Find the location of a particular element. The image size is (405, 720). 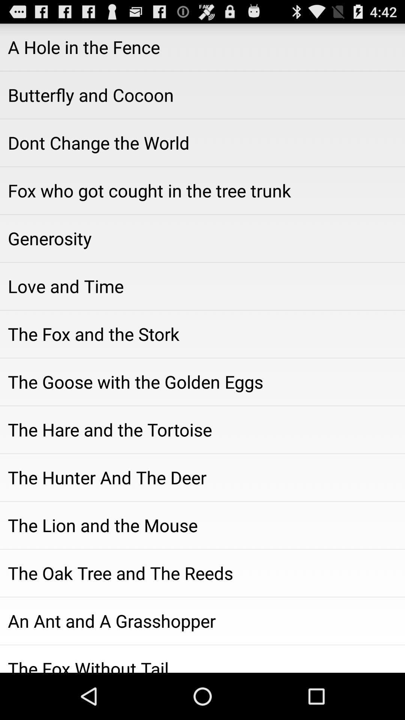

butterfly and cocoon icon is located at coordinates (202, 94).